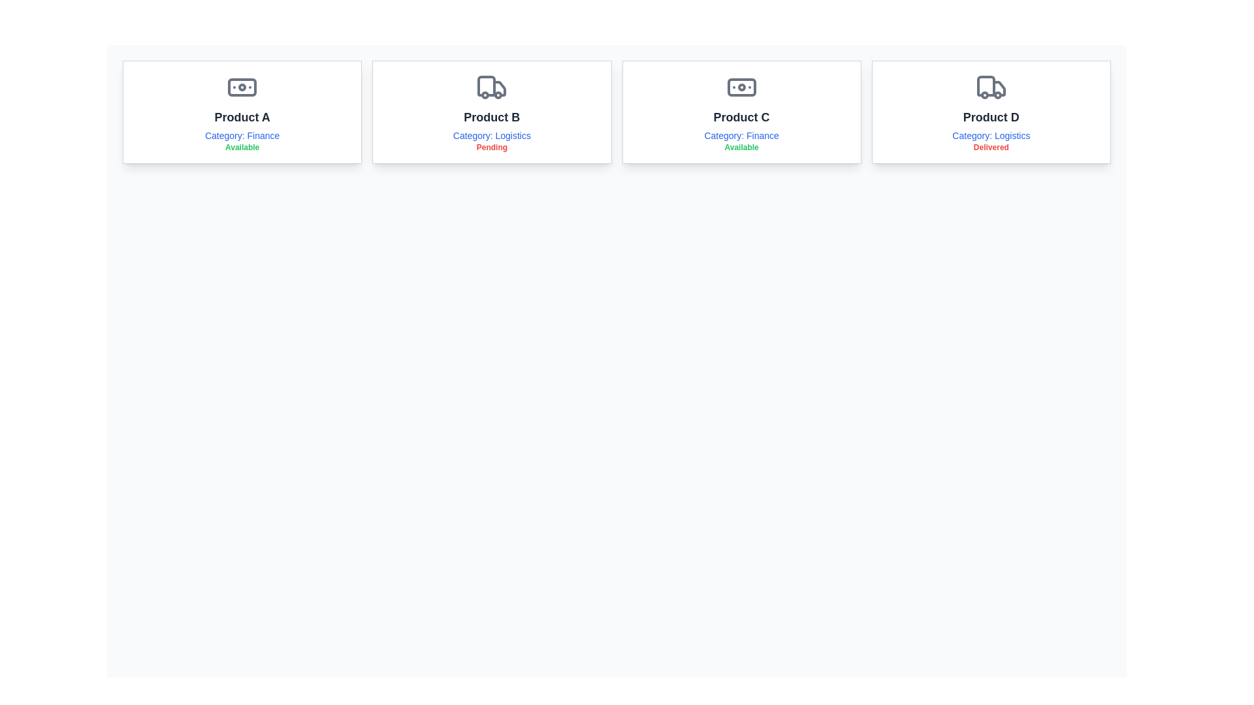 The height and width of the screenshot is (705, 1254). What do you see at coordinates (491, 117) in the screenshot?
I see `the text label that identifies 'Product B', which is centrally located below the truck icon and above smaller category and status text elements` at bounding box center [491, 117].